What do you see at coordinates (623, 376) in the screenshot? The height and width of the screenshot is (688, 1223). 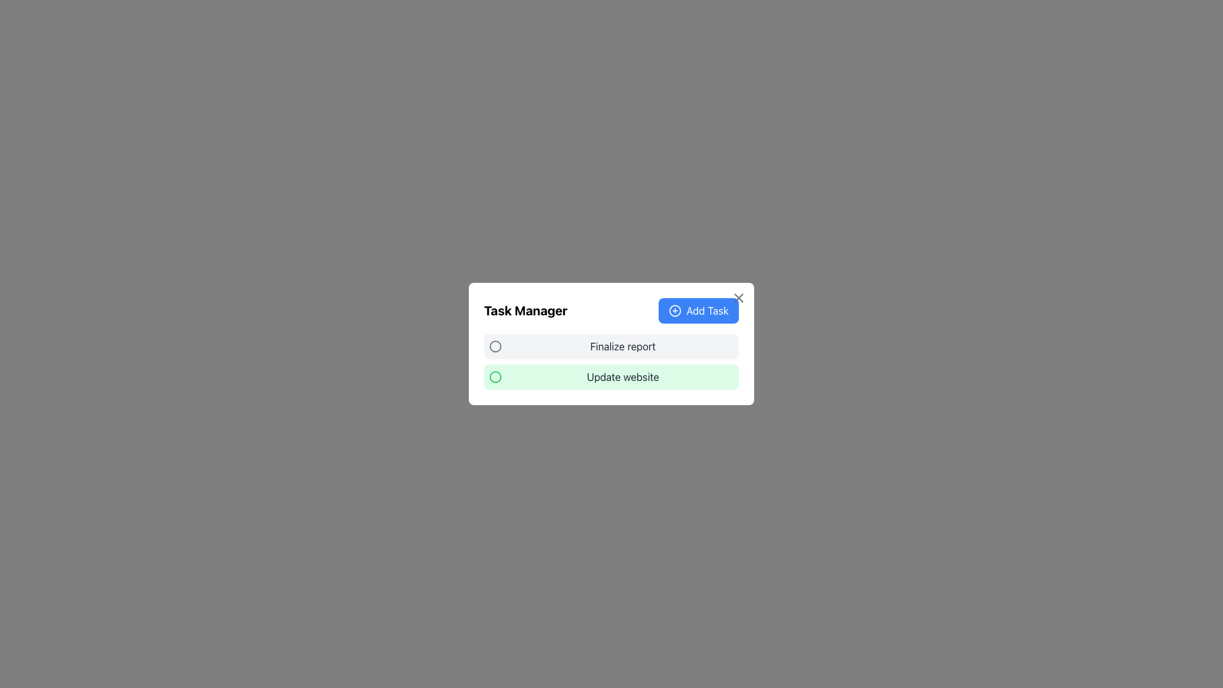 I see `the static text element that provides the task description for the 'Update website' task, positioned below the 'Finalize report' task item and to the right of a circular icon` at bounding box center [623, 376].